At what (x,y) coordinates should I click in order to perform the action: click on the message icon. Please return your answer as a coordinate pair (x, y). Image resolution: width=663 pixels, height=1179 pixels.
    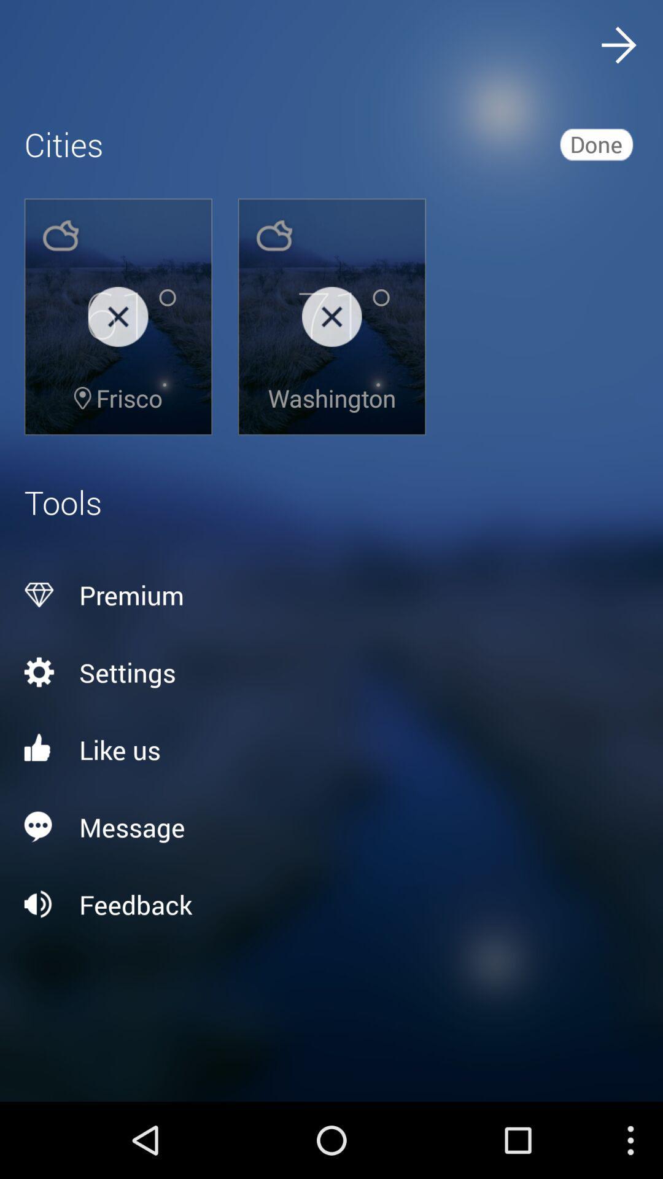
    Looking at the image, I should click on (331, 827).